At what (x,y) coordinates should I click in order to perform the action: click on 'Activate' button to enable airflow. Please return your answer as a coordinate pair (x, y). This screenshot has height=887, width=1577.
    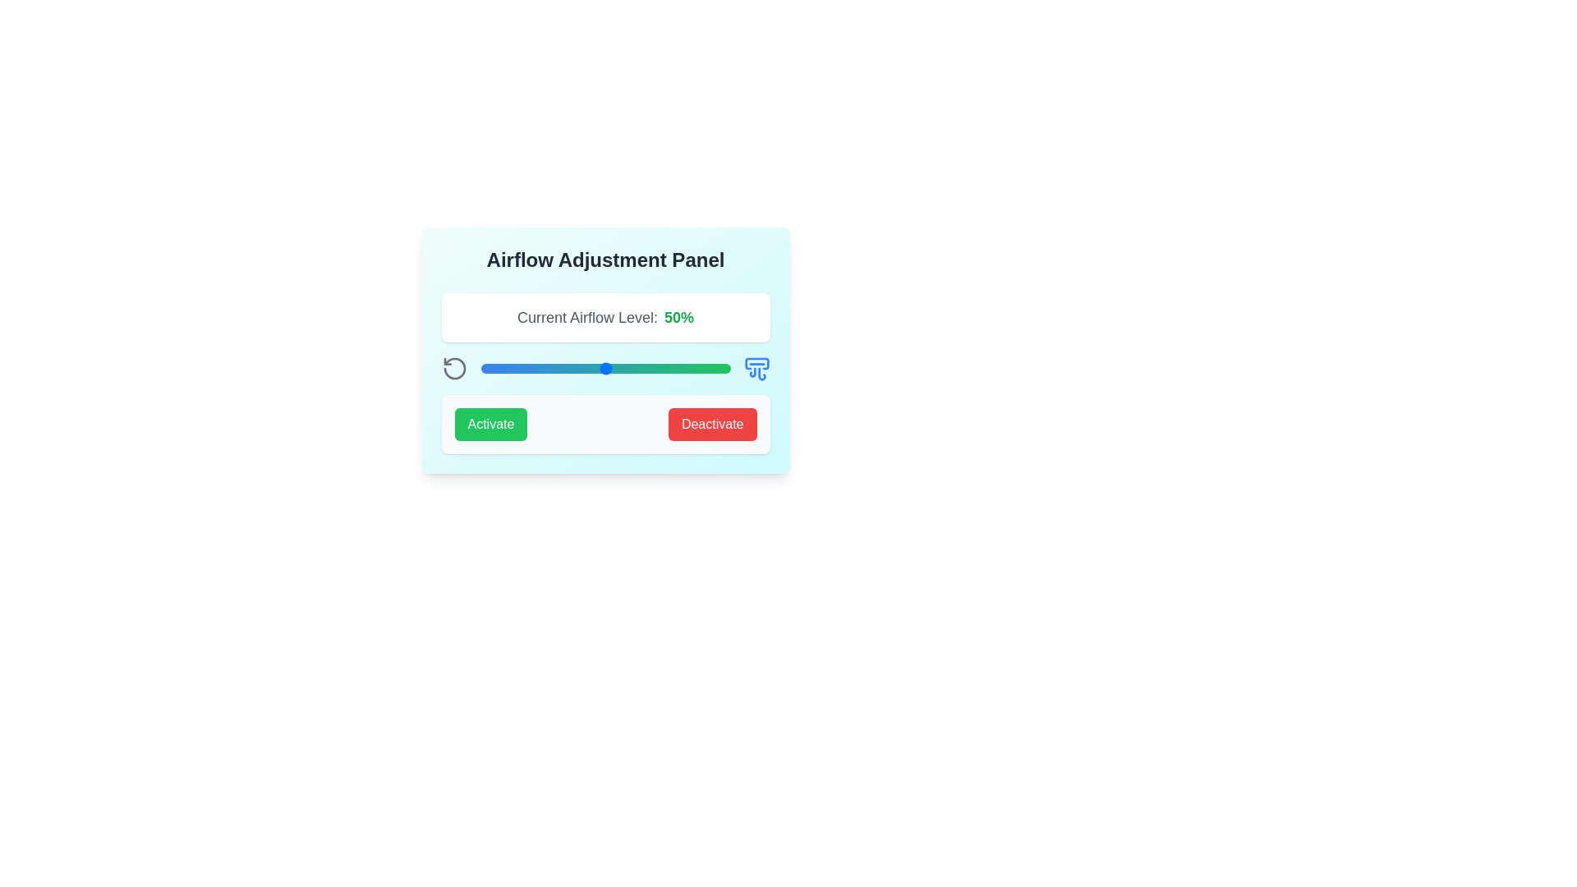
    Looking at the image, I should click on (490, 423).